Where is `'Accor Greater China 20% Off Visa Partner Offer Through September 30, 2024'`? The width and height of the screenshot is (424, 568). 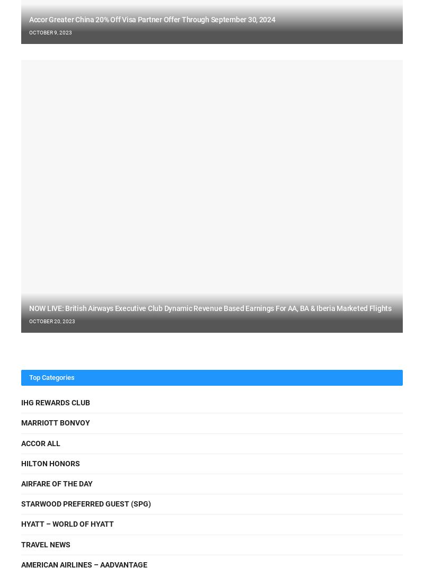
'Accor Greater China 20% Off Visa Partner Offer Through September 30, 2024' is located at coordinates (152, 19).